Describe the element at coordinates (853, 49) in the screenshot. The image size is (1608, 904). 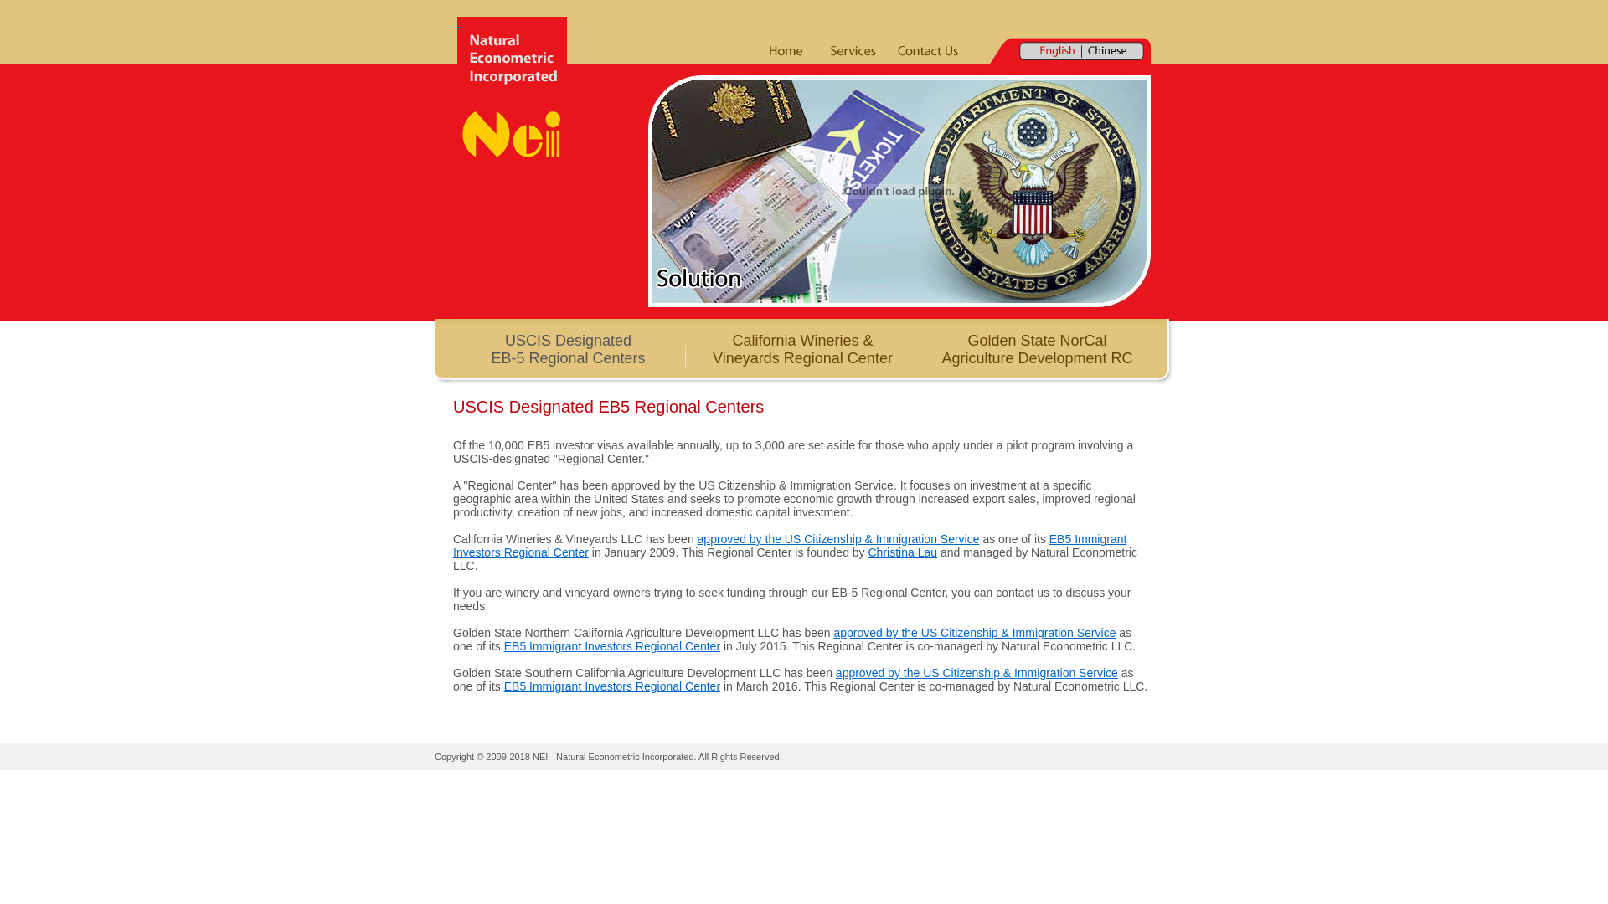
I see `'Service'` at that location.